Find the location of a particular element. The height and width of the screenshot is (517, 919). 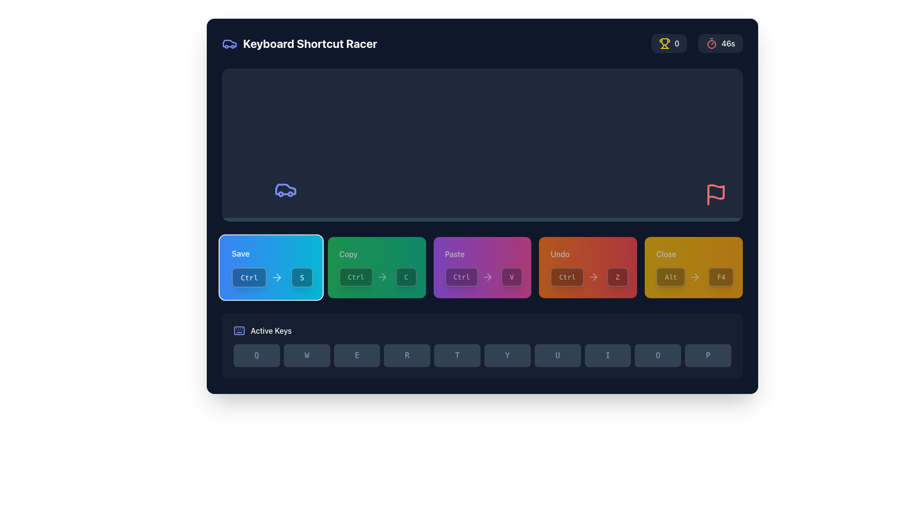

the 'Ctrl' button-like label with a dark semi-transparent background and white text, located in the 'Undo' shortcut section at the top row of the shortcut buttons is located at coordinates (567, 277).